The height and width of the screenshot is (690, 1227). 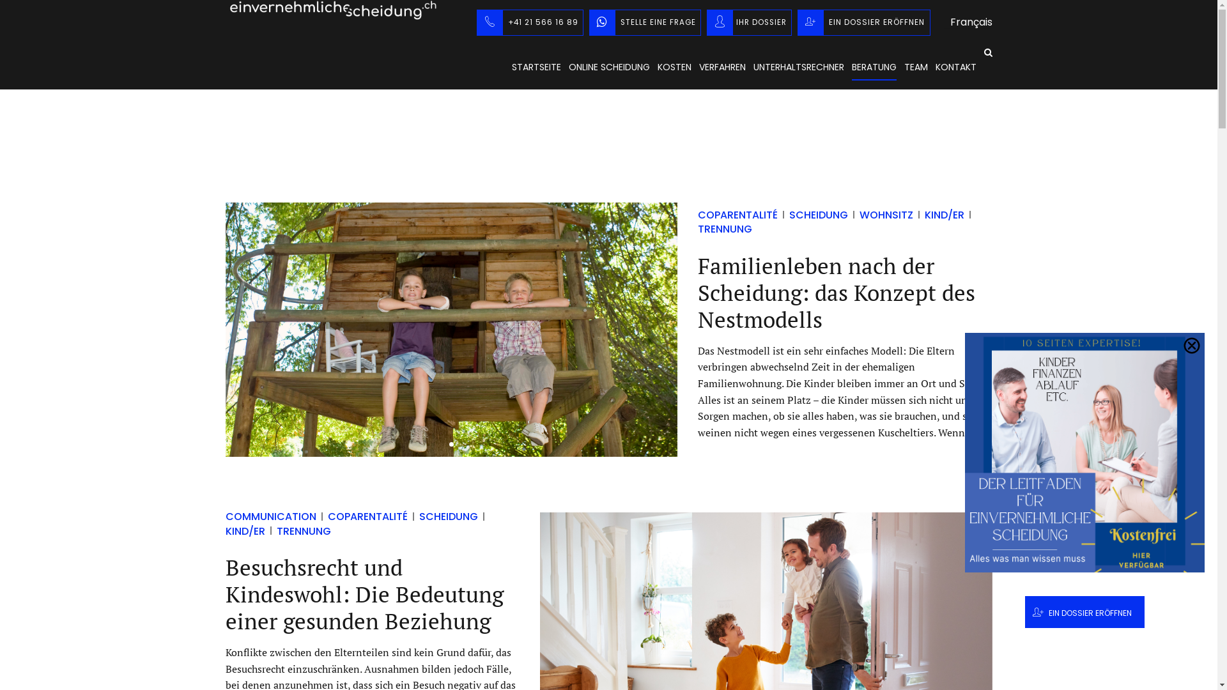 I want to click on 'STELLE EINE FRAGE', so click(x=645, y=22).